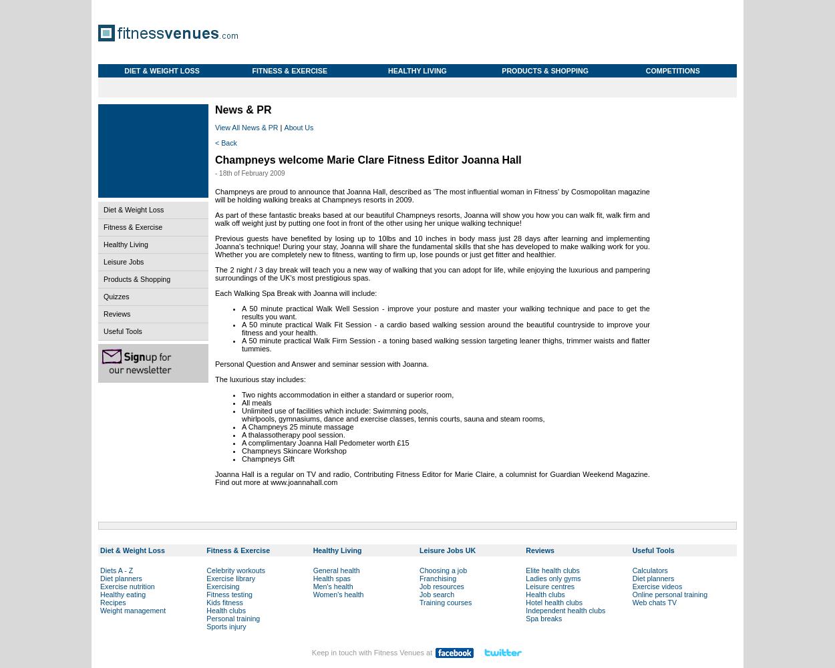 This screenshot has width=835, height=668. Describe the element at coordinates (224, 603) in the screenshot. I see `'Kids fitness'` at that location.